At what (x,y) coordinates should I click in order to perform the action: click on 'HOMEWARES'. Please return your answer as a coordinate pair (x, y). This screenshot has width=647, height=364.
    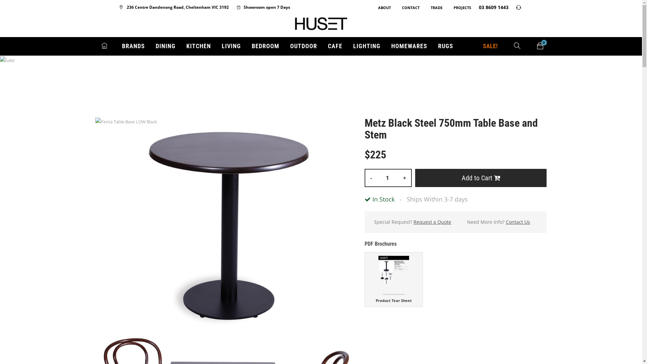
    Looking at the image, I should click on (408, 46).